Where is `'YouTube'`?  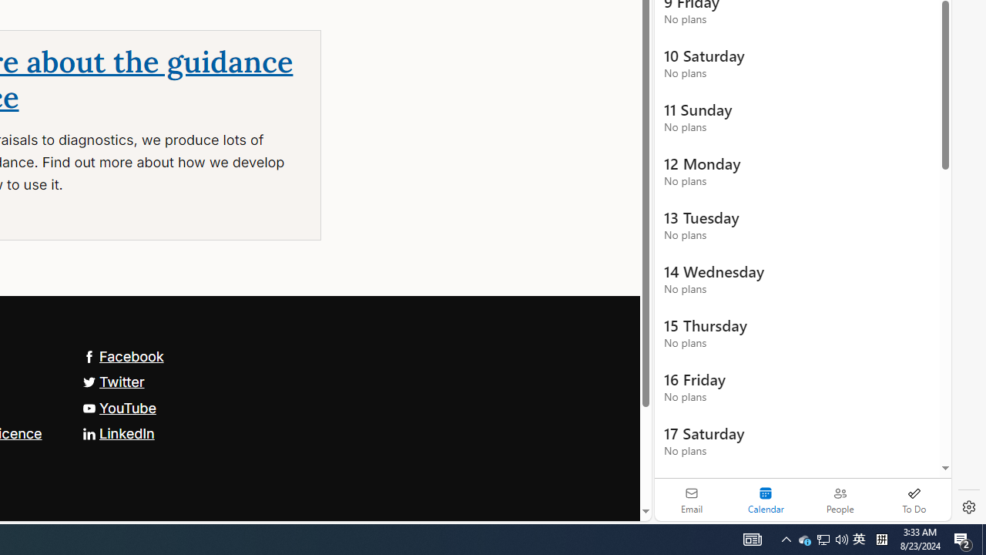
'YouTube' is located at coordinates (118, 406).